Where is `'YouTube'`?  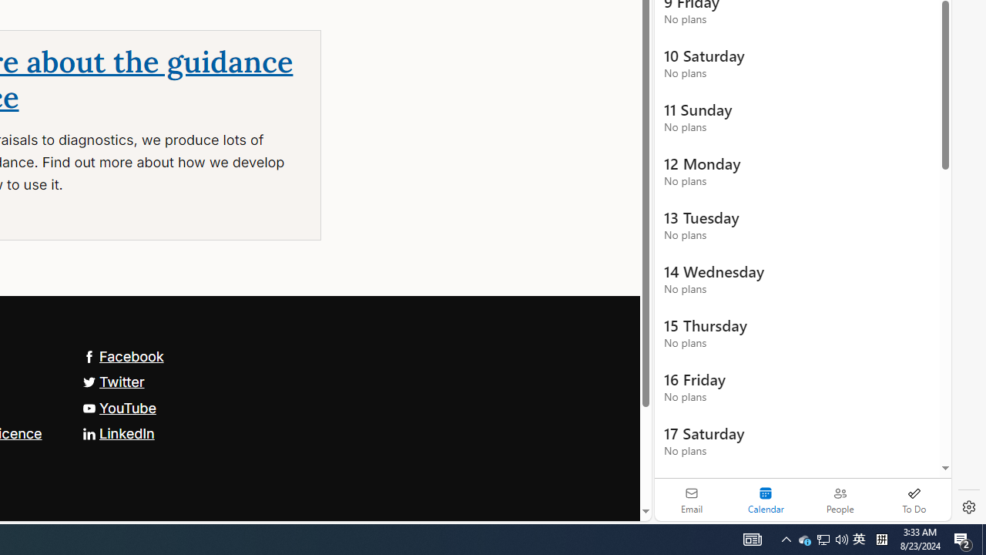
'YouTube' is located at coordinates (118, 406).